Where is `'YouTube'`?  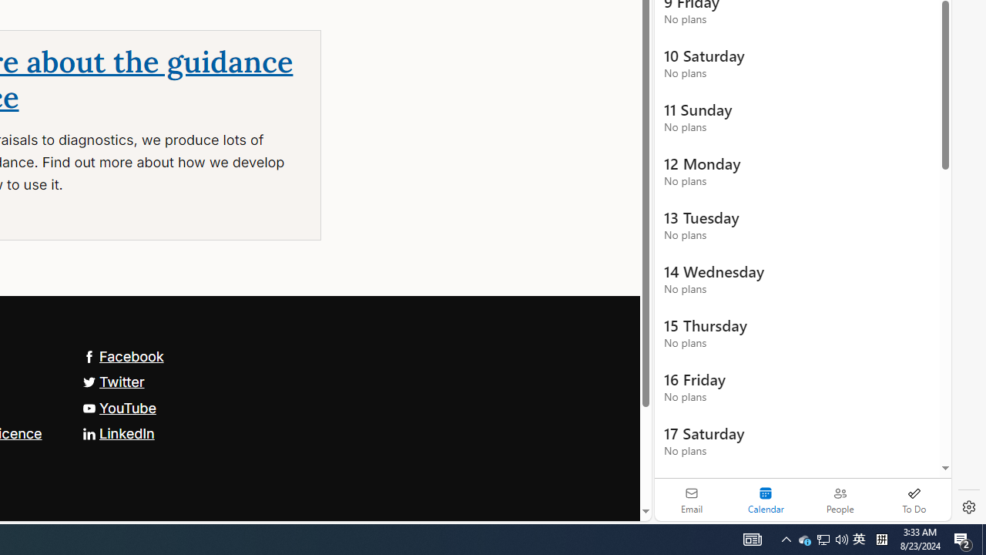
'YouTube' is located at coordinates (118, 406).